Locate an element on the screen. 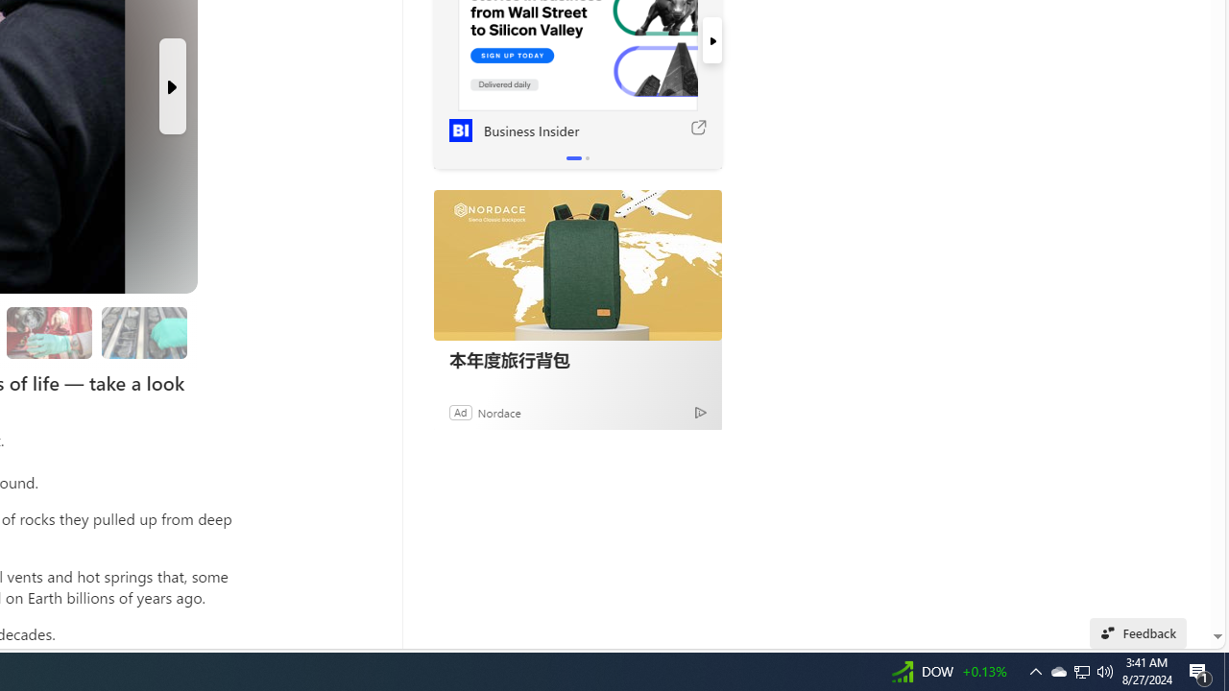  'Next Slide' is located at coordinates (172, 86).